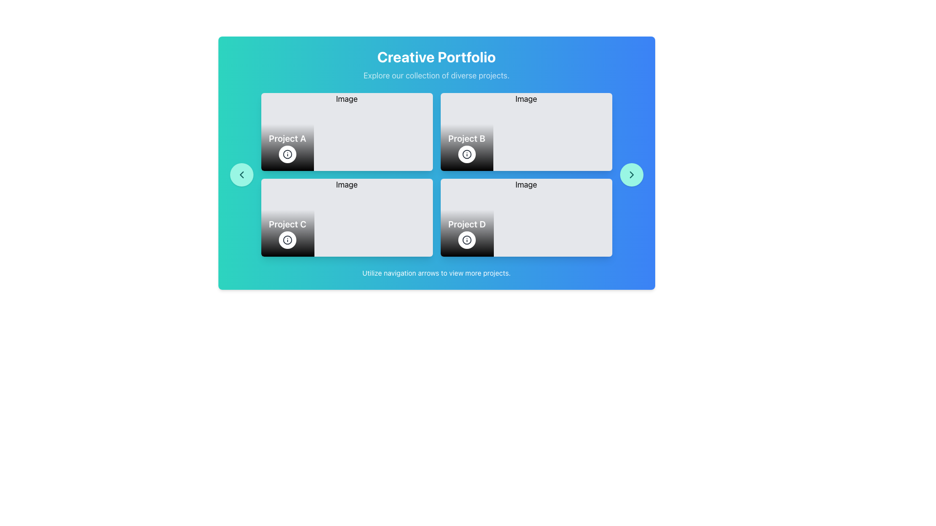 The width and height of the screenshot is (936, 526). What do you see at coordinates (287, 240) in the screenshot?
I see `the information icon located at the bottom of the 'Project D' card in the second row of the project grid` at bounding box center [287, 240].